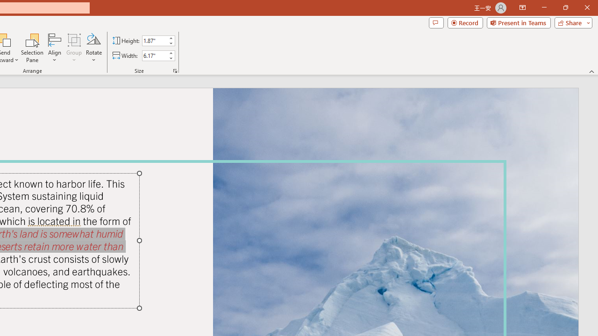  I want to click on 'Ribbon Display Options', so click(522, 7).